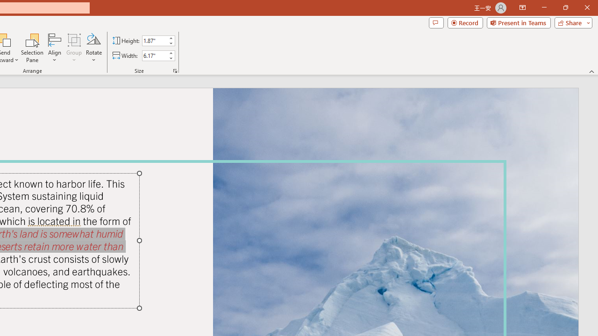  I want to click on 'Ribbon Display Options', so click(522, 7).